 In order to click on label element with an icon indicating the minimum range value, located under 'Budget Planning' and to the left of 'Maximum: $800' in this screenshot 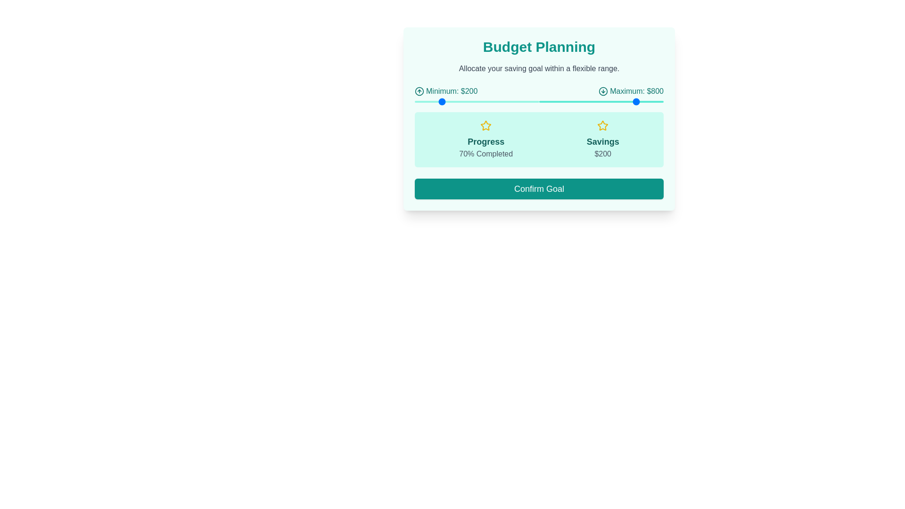, I will do `click(445, 91)`.